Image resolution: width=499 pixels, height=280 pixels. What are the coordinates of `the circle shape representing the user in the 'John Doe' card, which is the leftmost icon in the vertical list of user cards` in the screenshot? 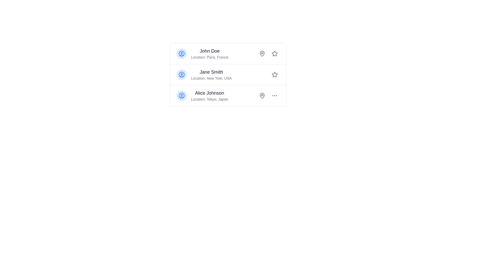 It's located at (182, 54).